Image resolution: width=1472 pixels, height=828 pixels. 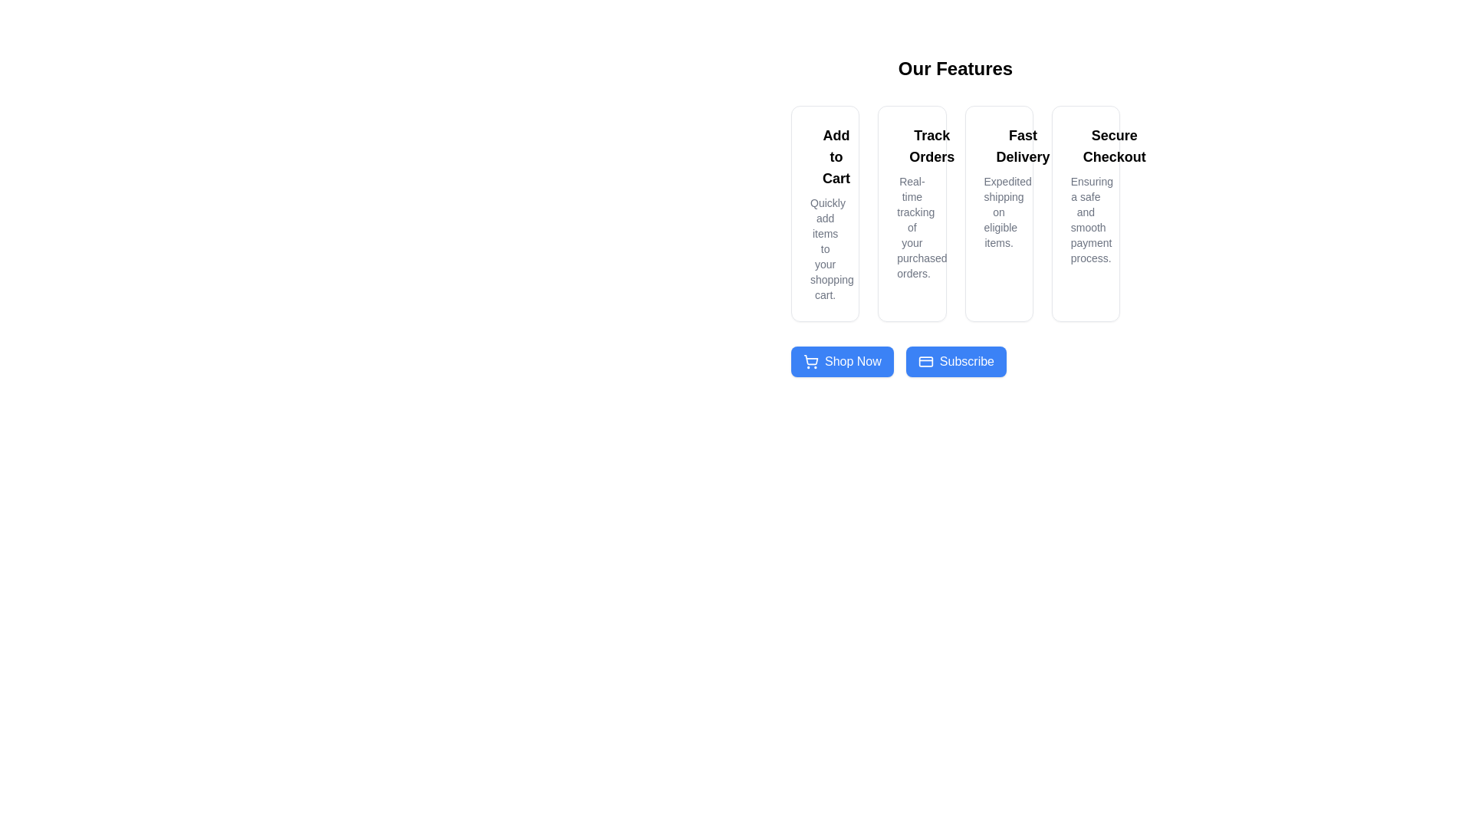 What do you see at coordinates (824, 248) in the screenshot?
I see `the descriptive text element located directly below the 'Add to Cart' header, which provides additional information about the 'Add to Cart' feature` at bounding box center [824, 248].